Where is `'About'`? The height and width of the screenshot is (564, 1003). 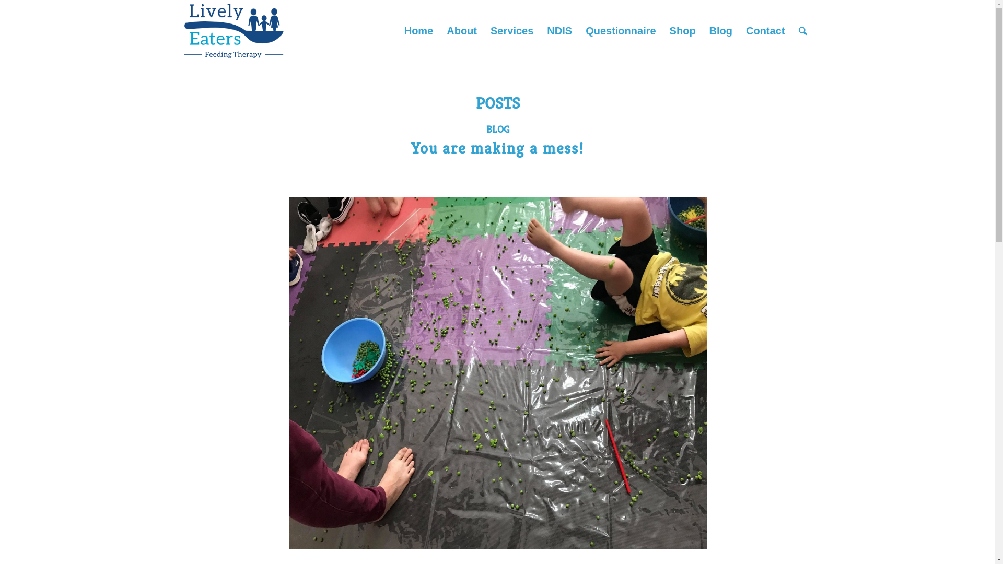 'About' is located at coordinates (461, 30).